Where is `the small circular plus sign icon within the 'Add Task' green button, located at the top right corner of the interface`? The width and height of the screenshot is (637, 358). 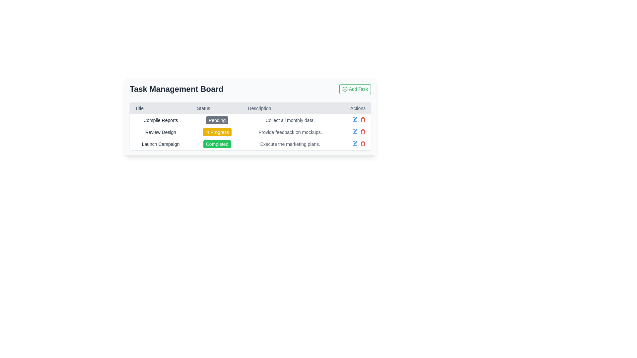
the small circular plus sign icon within the 'Add Task' green button, located at the top right corner of the interface is located at coordinates (345, 89).